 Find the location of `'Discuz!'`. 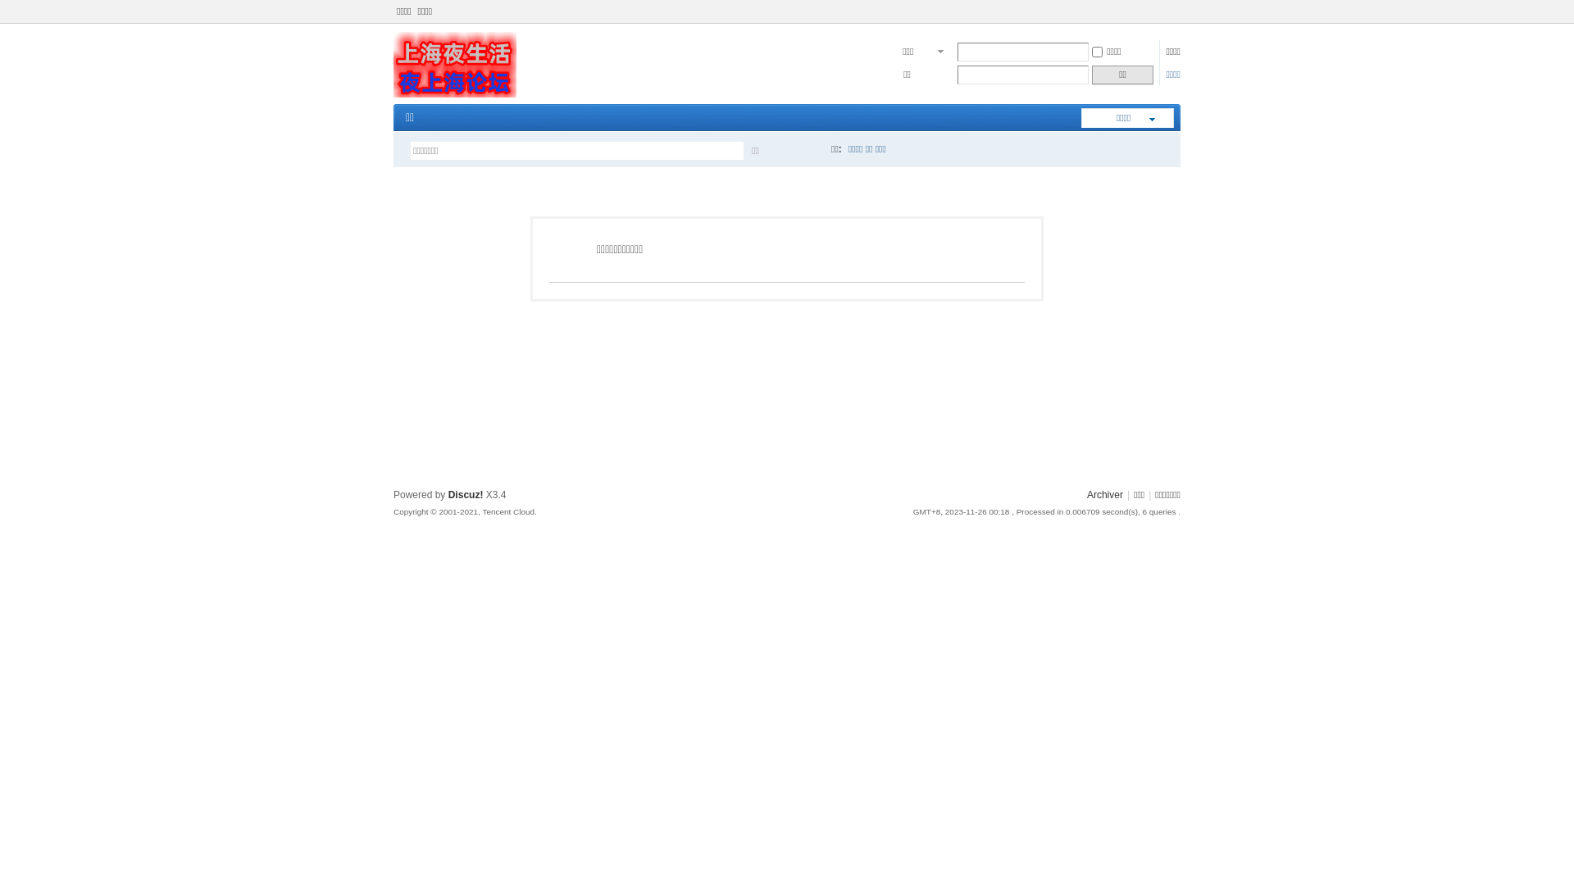

'Discuz!' is located at coordinates (465, 494).